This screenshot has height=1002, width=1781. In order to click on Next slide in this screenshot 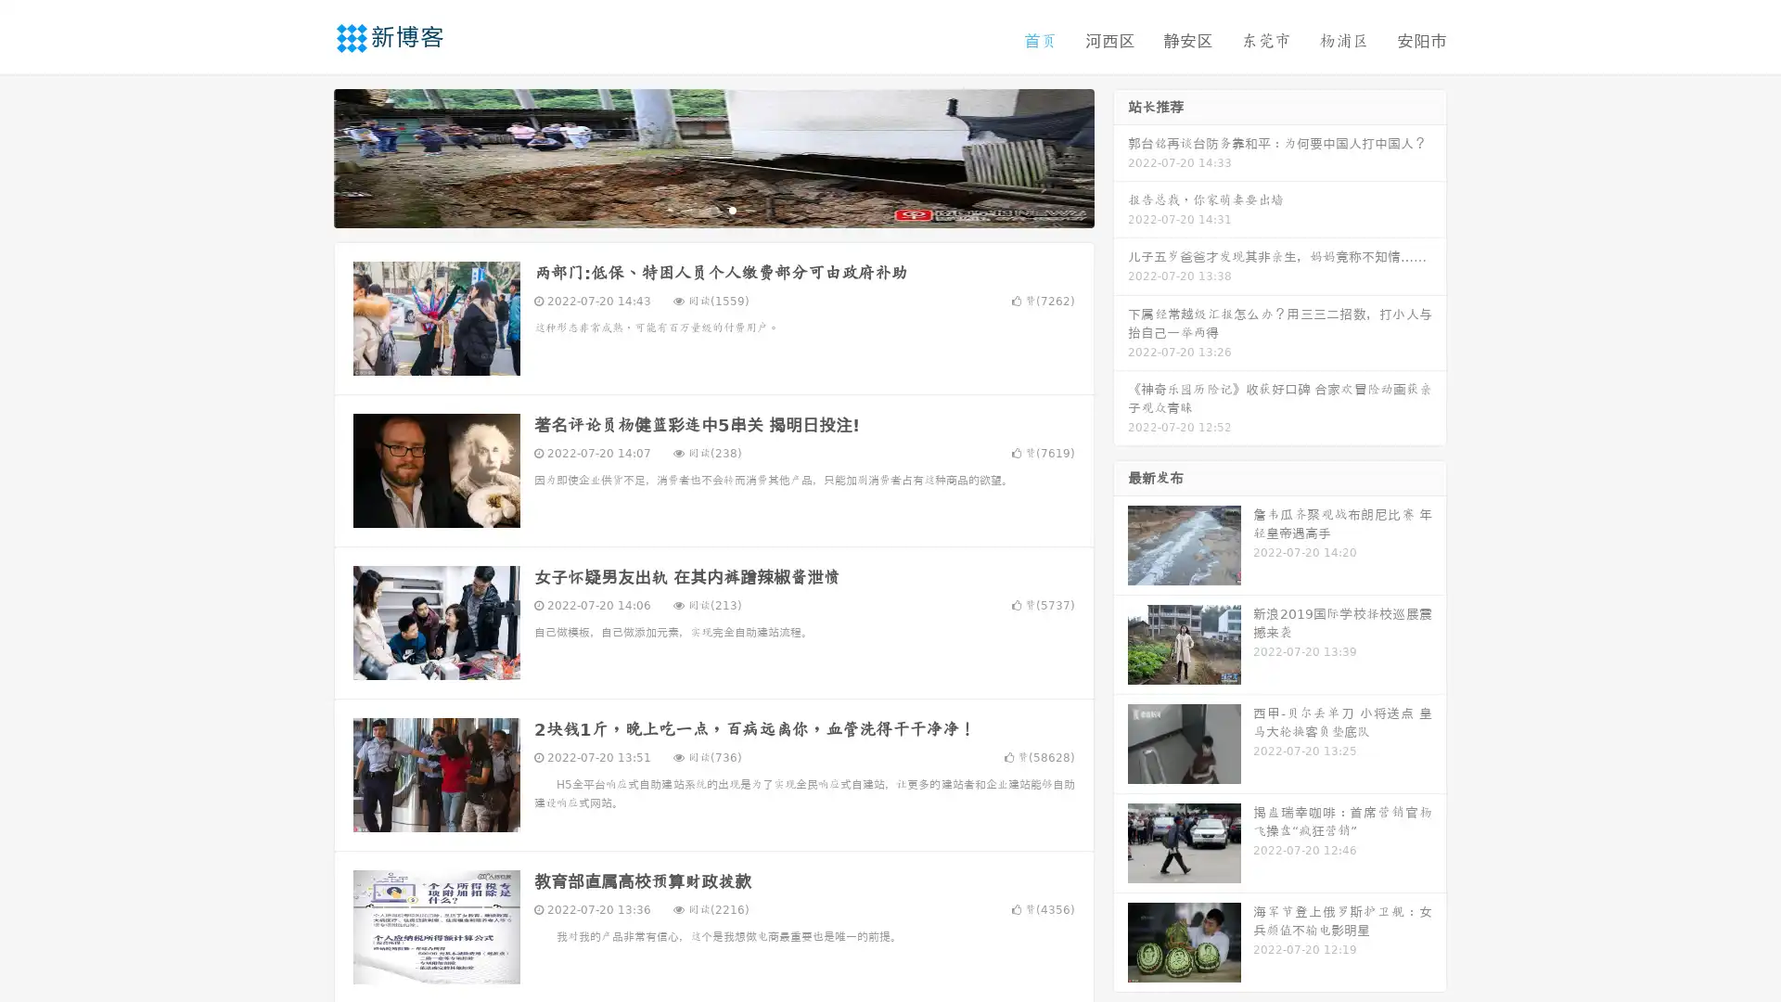, I will do `click(1121, 156)`.